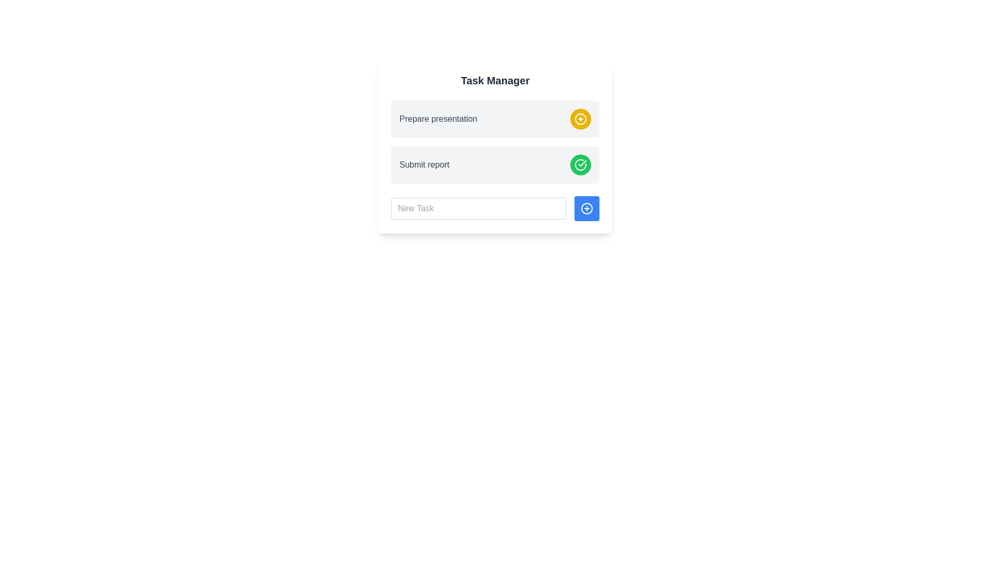 This screenshot has height=562, width=1000. What do you see at coordinates (580, 164) in the screenshot?
I see `the circular icon with a green background and white checkmark located to the right of the text 'Submit report' in the second row of task items` at bounding box center [580, 164].